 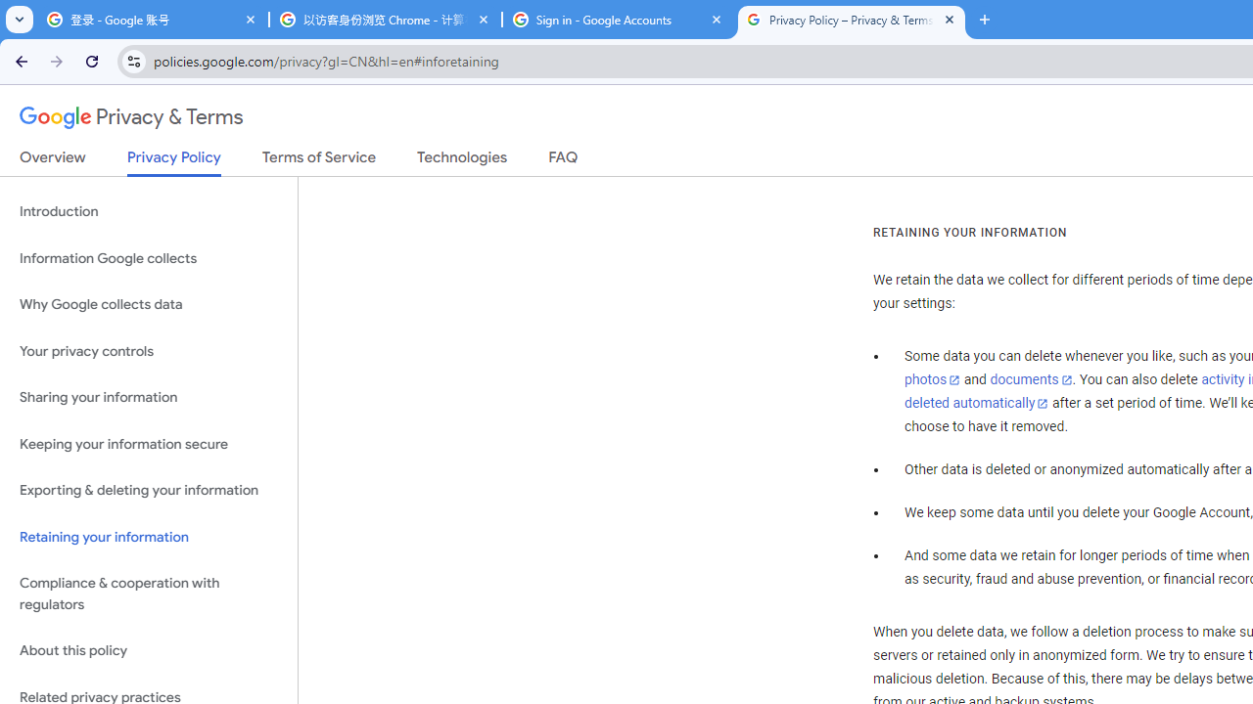 What do you see at coordinates (148, 490) in the screenshot?
I see `'Exporting & deleting your information'` at bounding box center [148, 490].